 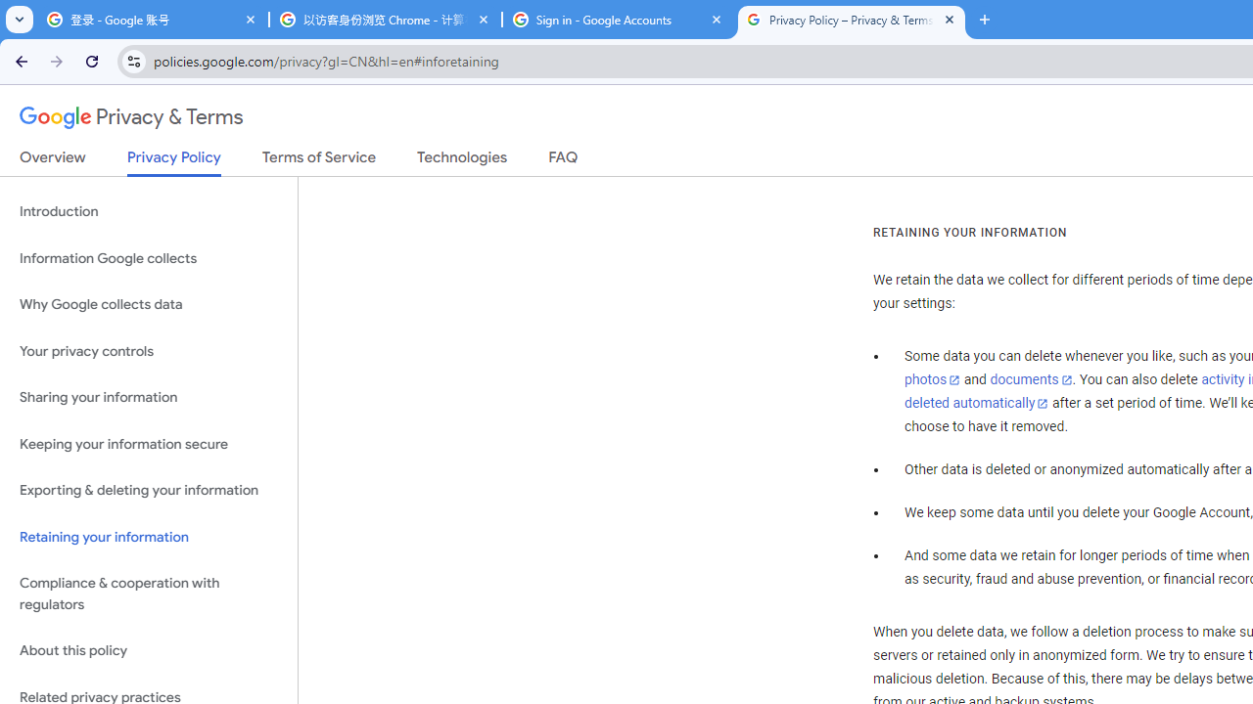 What do you see at coordinates (148, 490) in the screenshot?
I see `'Exporting & deleting your information'` at bounding box center [148, 490].